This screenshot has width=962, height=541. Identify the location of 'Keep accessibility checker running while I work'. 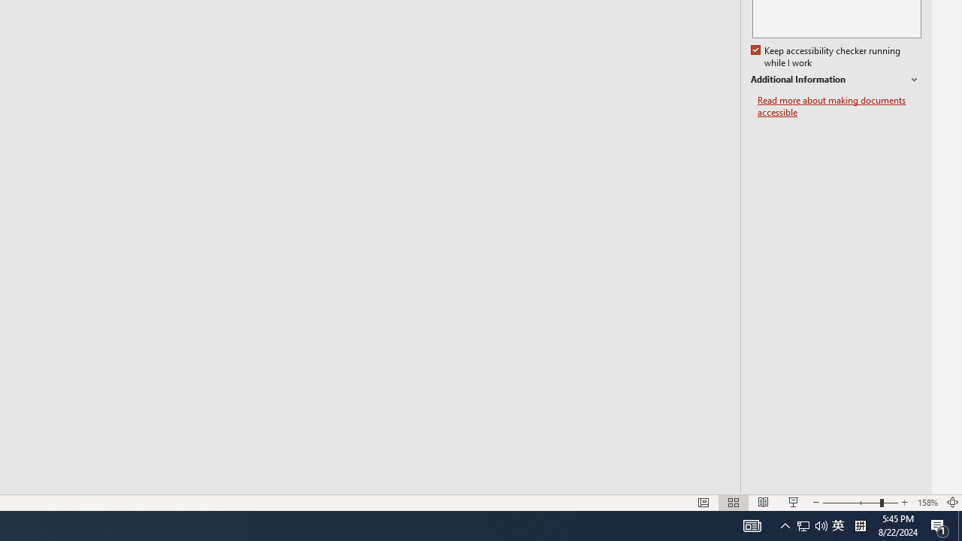
(826, 56).